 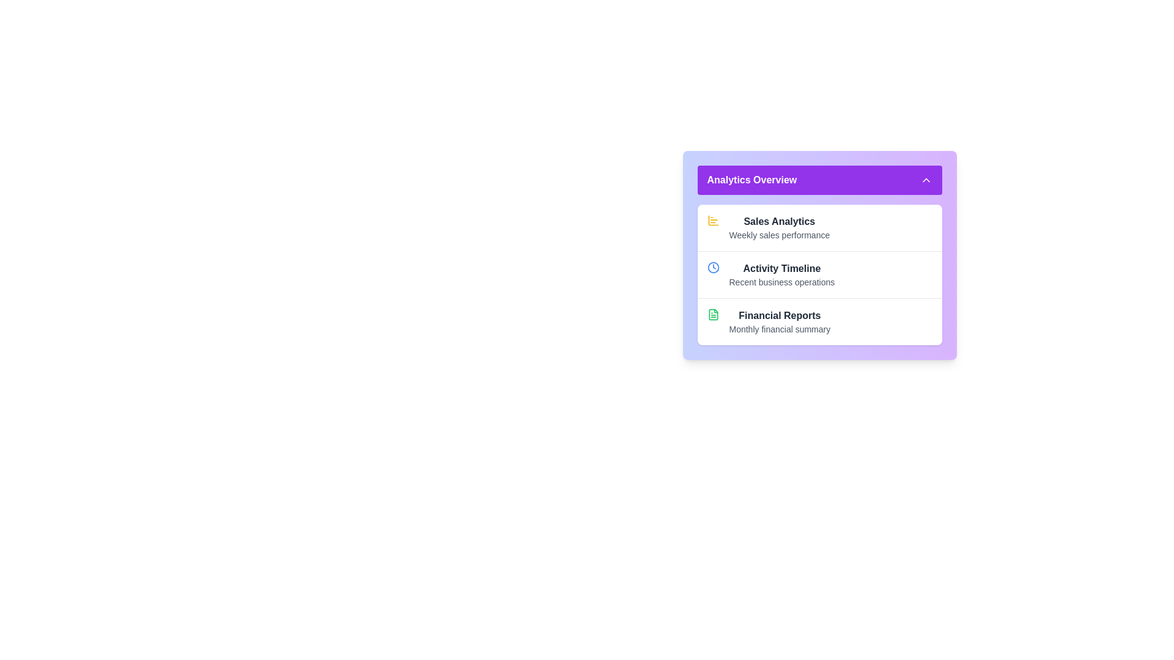 I want to click on the text label 'Recent business operations' which is positioned below the 'Activity Timeline' header in a card layout, so click(x=781, y=282).